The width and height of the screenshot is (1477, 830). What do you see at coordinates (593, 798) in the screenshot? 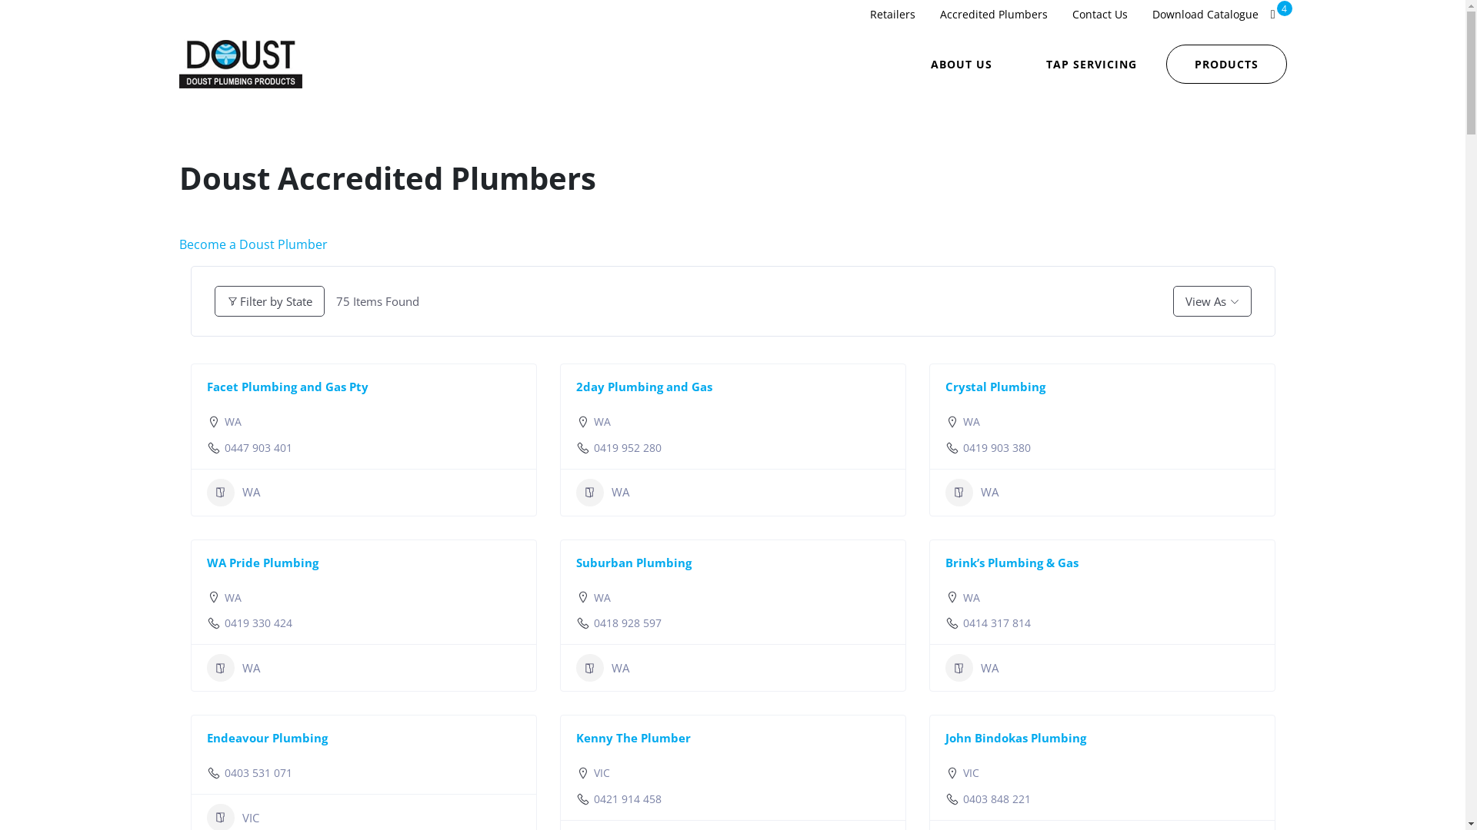
I see `'0421 914 458'` at bounding box center [593, 798].